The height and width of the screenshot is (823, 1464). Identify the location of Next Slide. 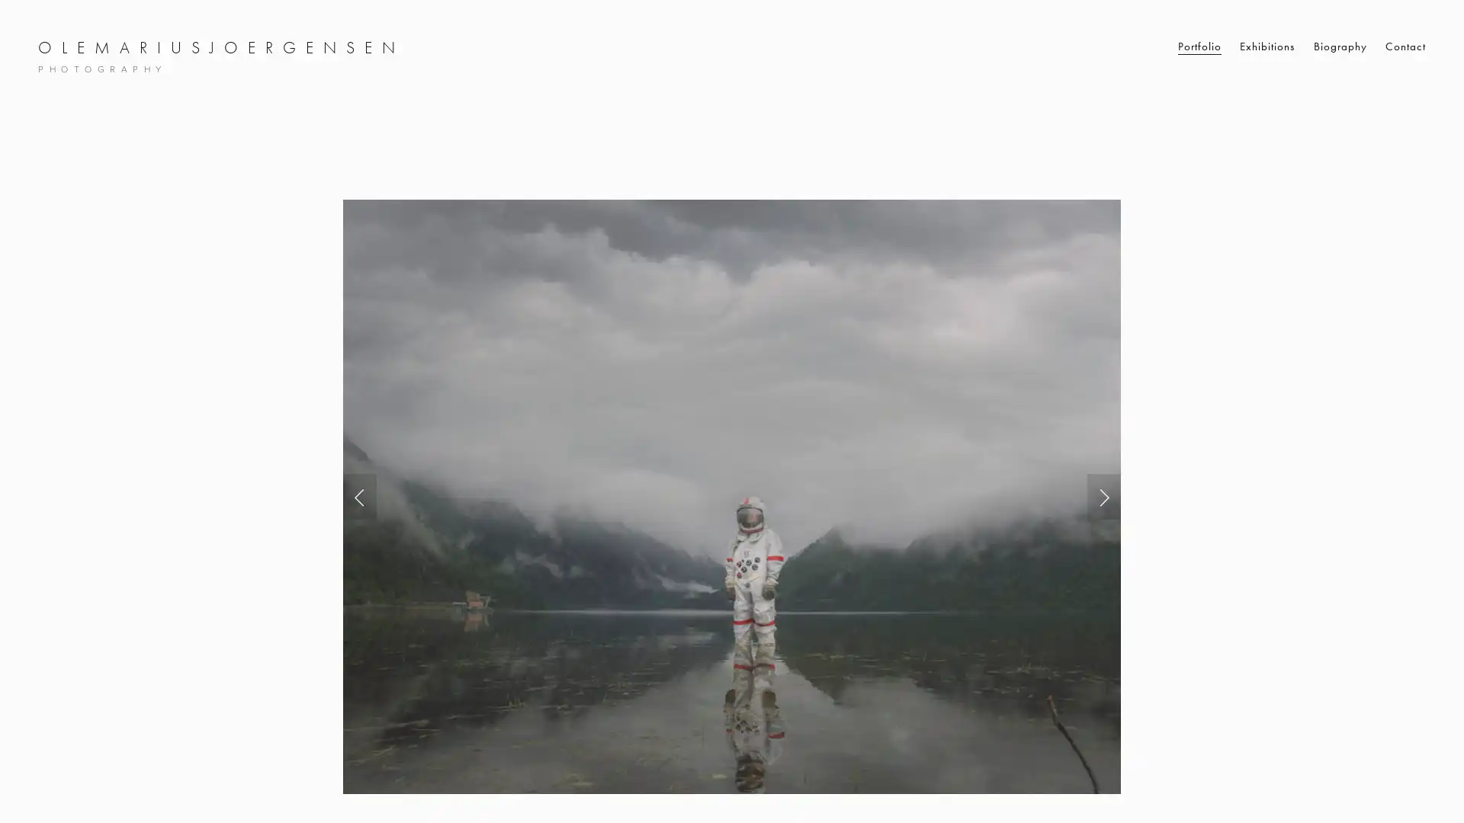
(1104, 496).